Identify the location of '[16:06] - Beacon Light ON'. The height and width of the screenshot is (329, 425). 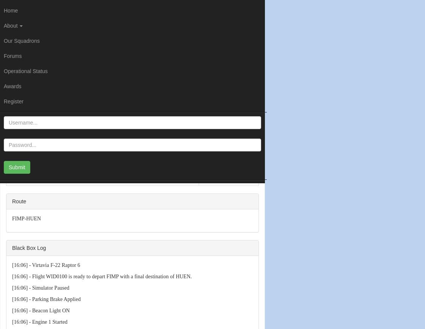
(40, 310).